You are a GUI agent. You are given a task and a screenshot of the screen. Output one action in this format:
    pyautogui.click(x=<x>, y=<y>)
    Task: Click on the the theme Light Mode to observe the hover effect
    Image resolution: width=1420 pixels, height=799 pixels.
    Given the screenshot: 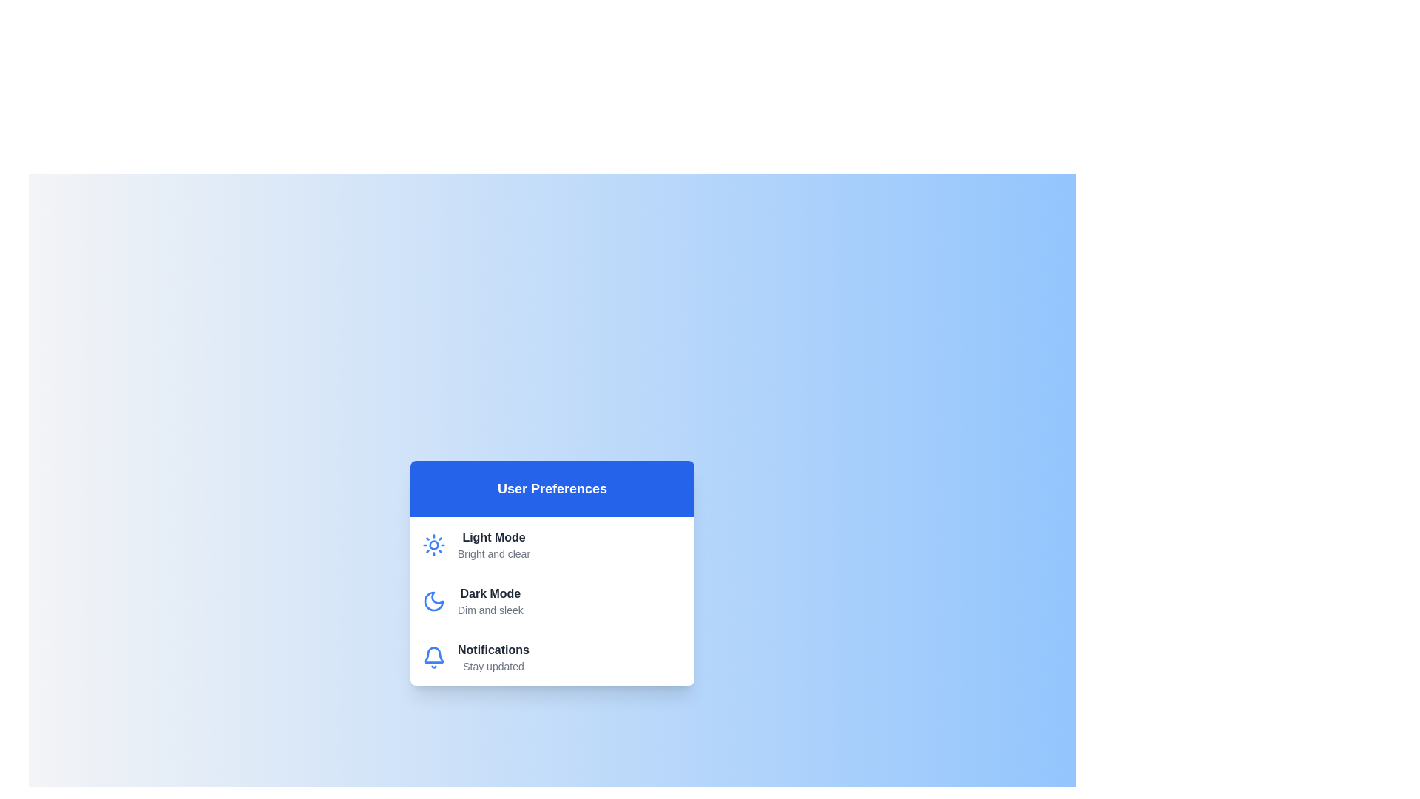 What is the action you would take?
    pyautogui.click(x=552, y=545)
    